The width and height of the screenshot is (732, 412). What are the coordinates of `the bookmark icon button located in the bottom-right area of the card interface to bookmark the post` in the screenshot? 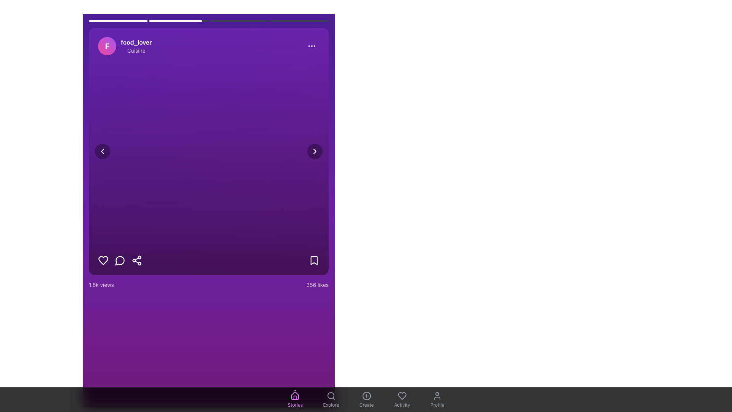 It's located at (314, 260).